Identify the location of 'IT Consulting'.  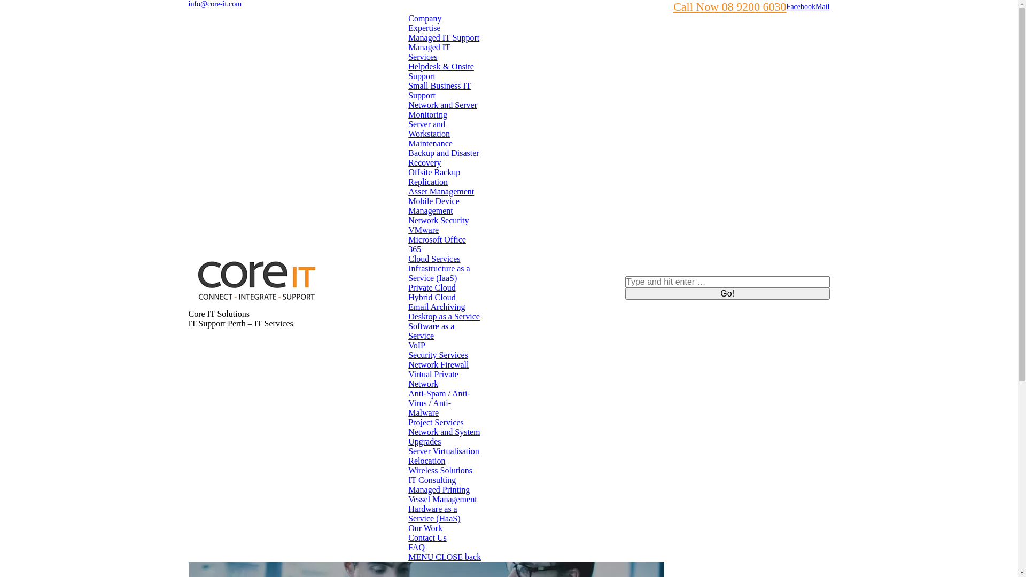
(432, 479).